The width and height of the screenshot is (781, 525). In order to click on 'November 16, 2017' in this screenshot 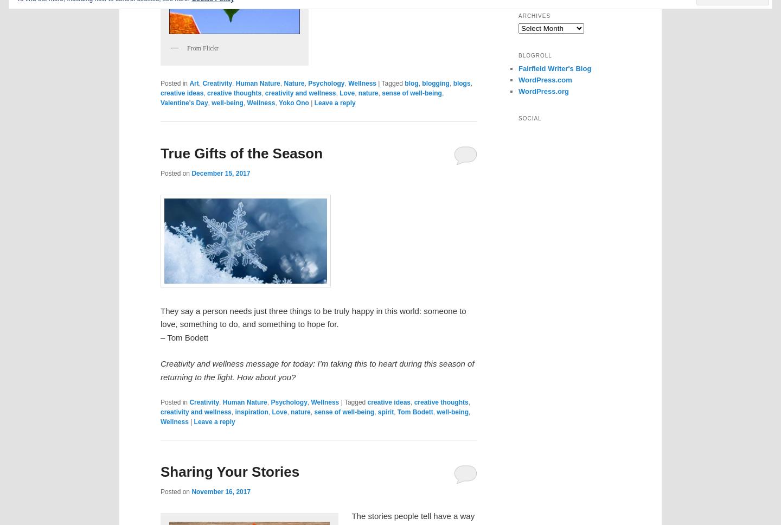, I will do `click(220, 492)`.